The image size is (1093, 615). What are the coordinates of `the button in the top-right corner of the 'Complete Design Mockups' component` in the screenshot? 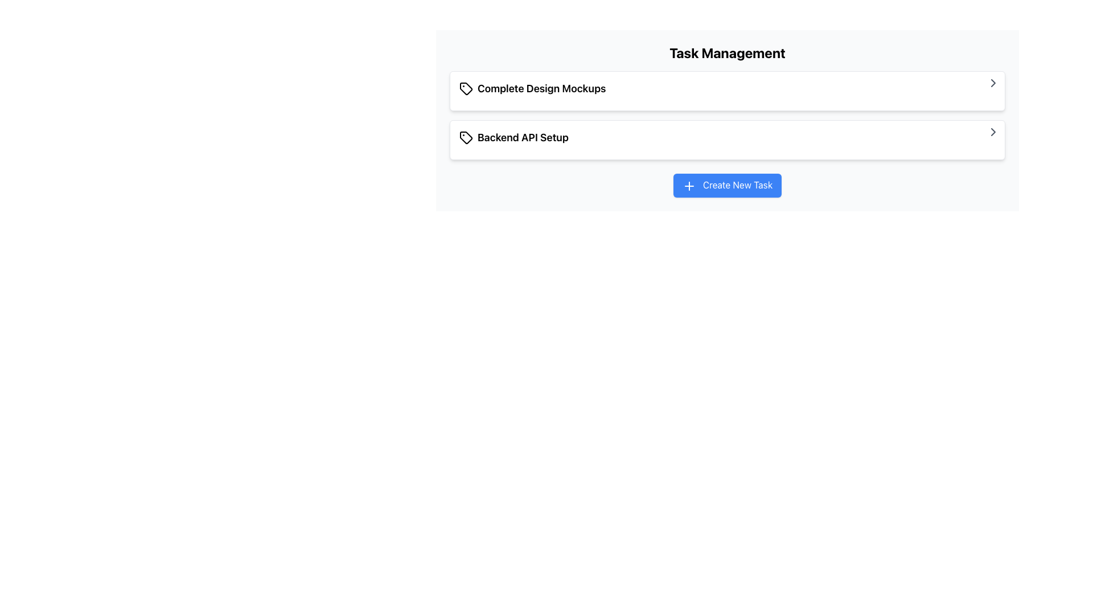 It's located at (993, 83).